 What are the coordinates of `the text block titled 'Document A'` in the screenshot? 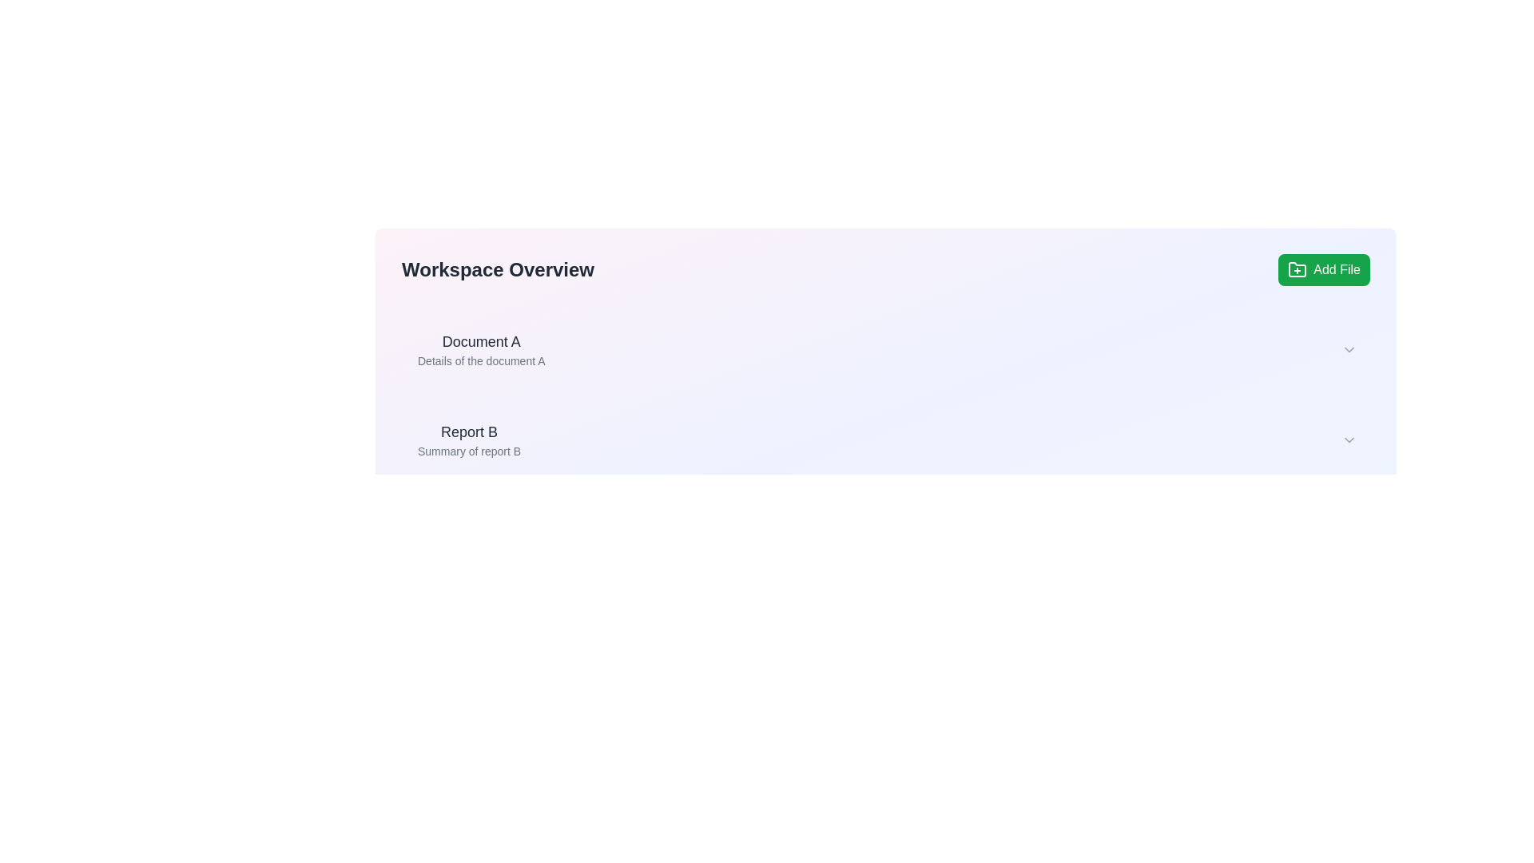 It's located at (480, 349).